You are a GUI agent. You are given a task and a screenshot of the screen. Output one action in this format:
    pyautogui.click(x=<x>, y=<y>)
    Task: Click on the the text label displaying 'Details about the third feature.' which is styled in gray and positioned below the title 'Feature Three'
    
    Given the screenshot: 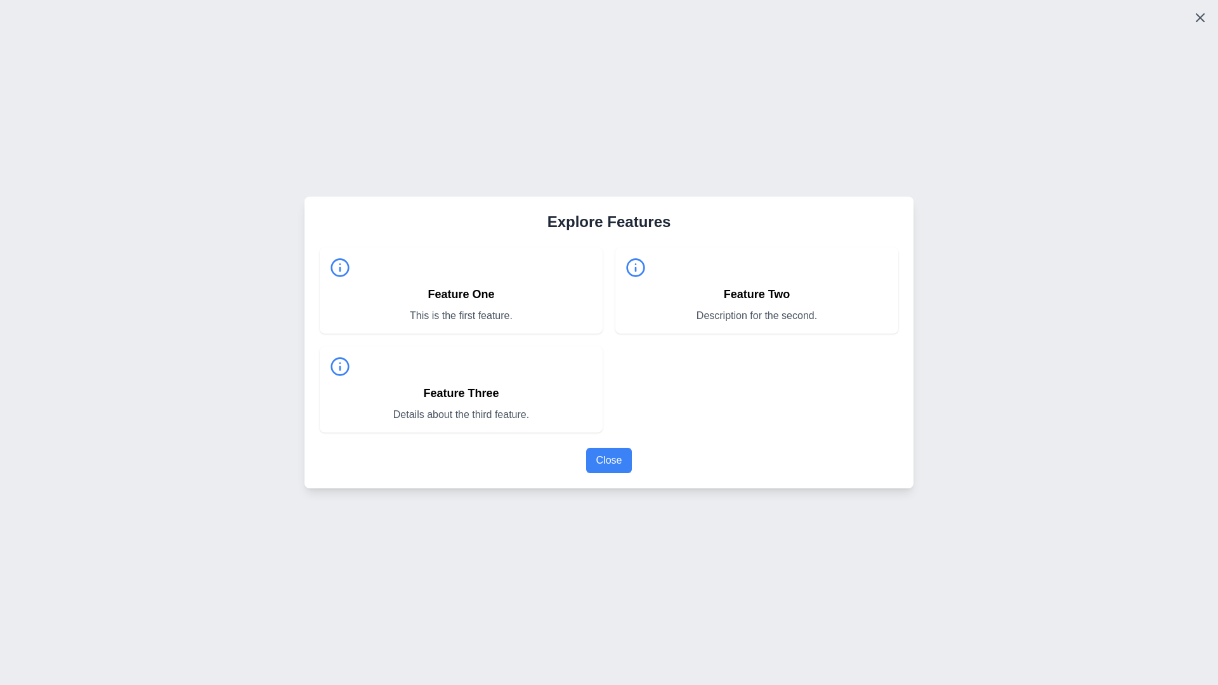 What is the action you would take?
    pyautogui.click(x=460, y=415)
    